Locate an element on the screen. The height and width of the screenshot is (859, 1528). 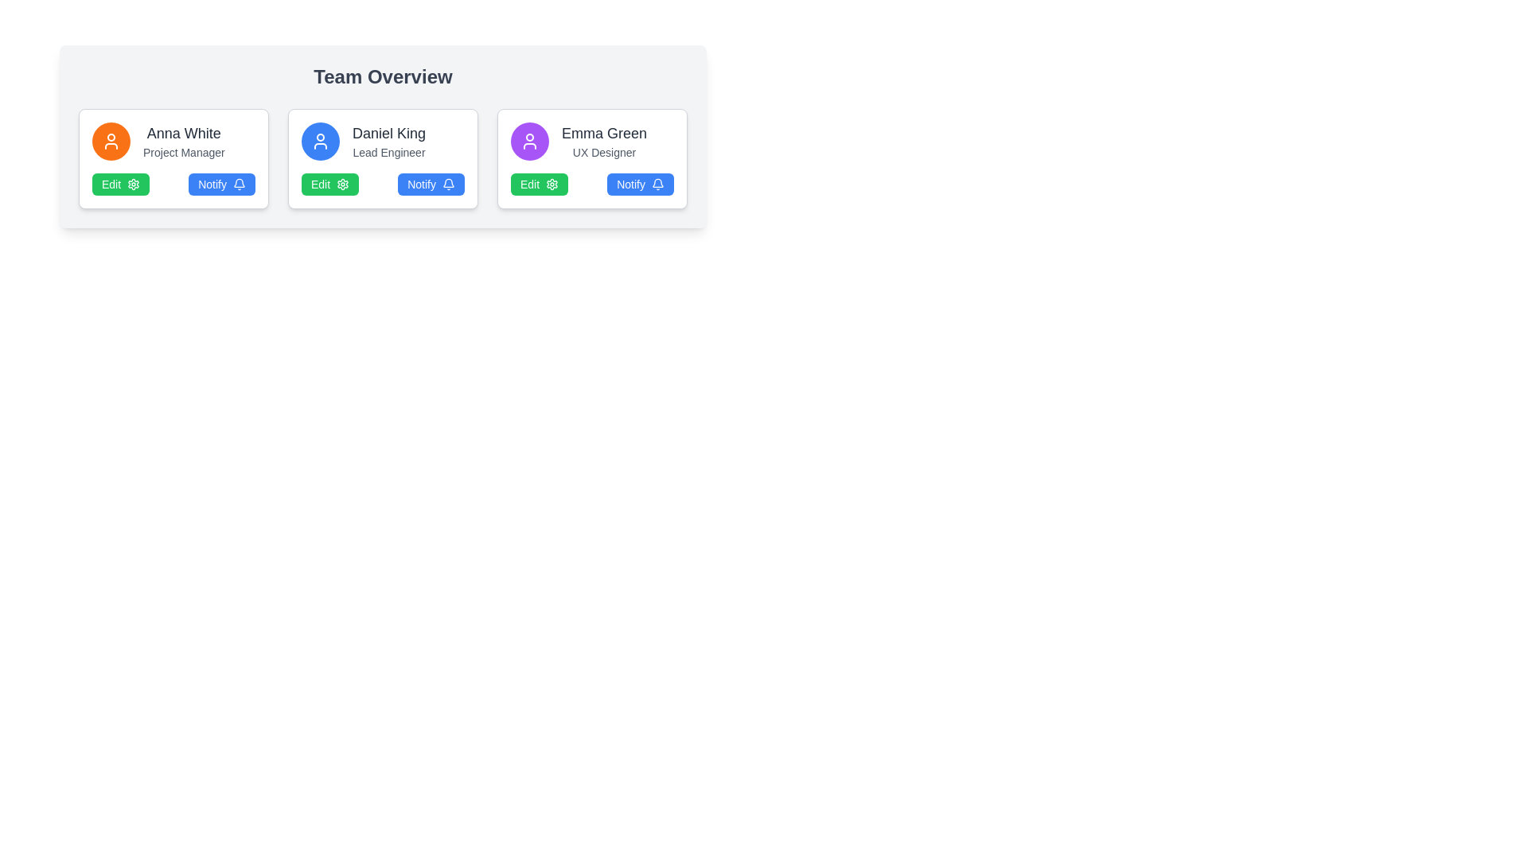
the text content displaying 'Anna White' and her role as 'Project Manager', located in the leftmost card under 'Team Overview' is located at coordinates (184, 140).